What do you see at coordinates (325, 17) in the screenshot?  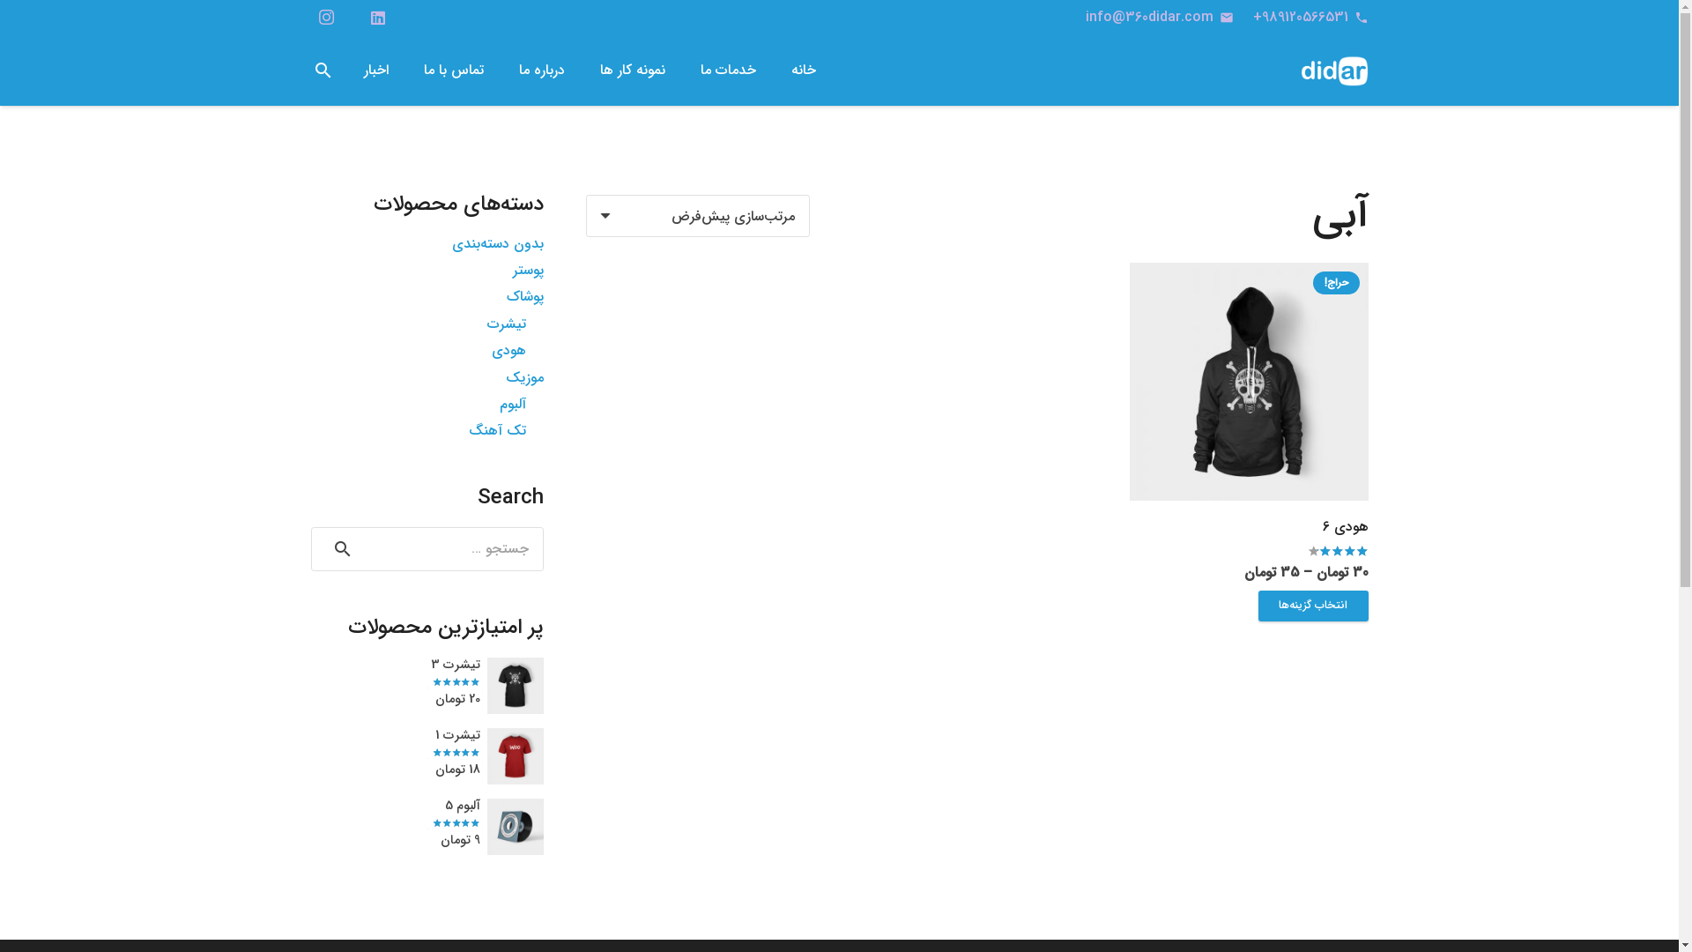 I see `'Instagram'` at bounding box center [325, 17].